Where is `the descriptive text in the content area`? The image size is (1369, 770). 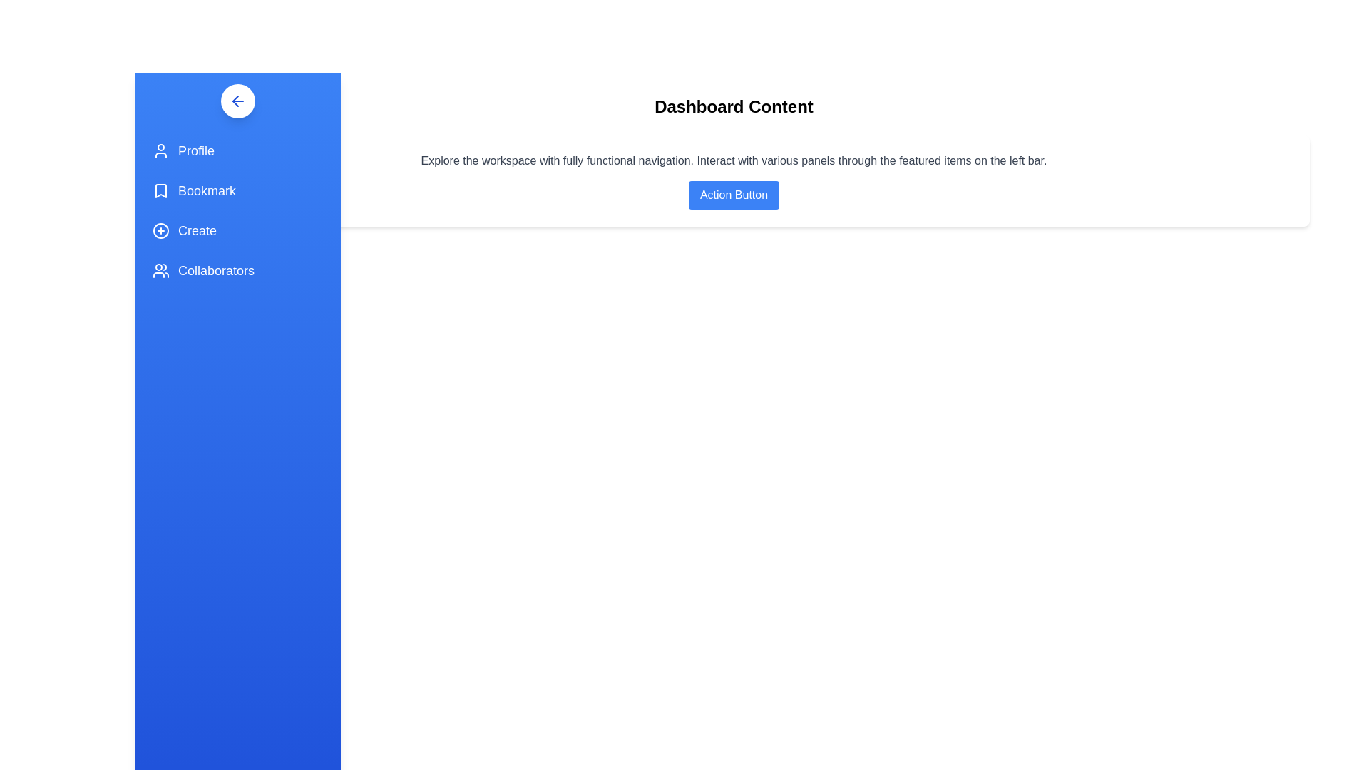
the descriptive text in the content area is located at coordinates (734, 160).